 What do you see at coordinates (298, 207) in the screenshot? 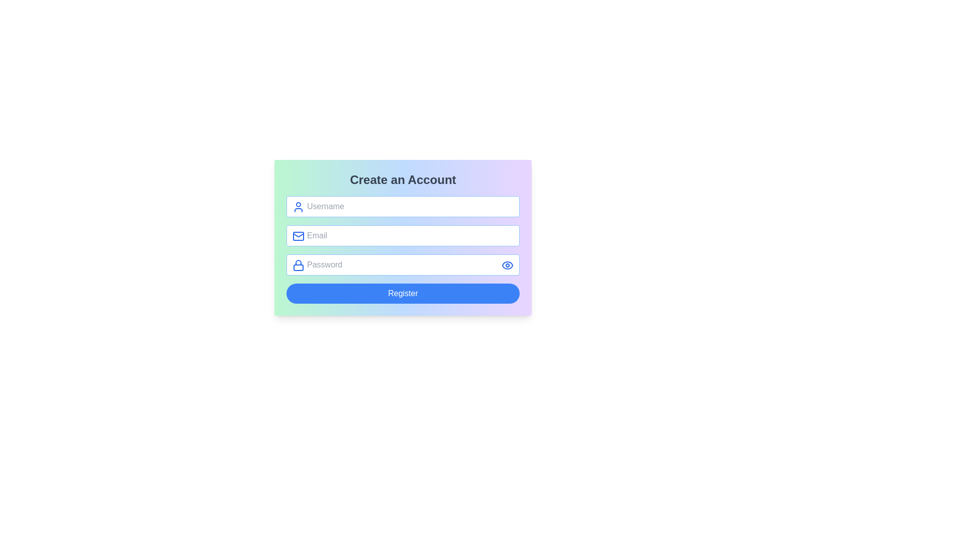
I see `the user silhouette icon located inside the input field for the 'Username' attribute, positioned to the left of the input area` at bounding box center [298, 207].